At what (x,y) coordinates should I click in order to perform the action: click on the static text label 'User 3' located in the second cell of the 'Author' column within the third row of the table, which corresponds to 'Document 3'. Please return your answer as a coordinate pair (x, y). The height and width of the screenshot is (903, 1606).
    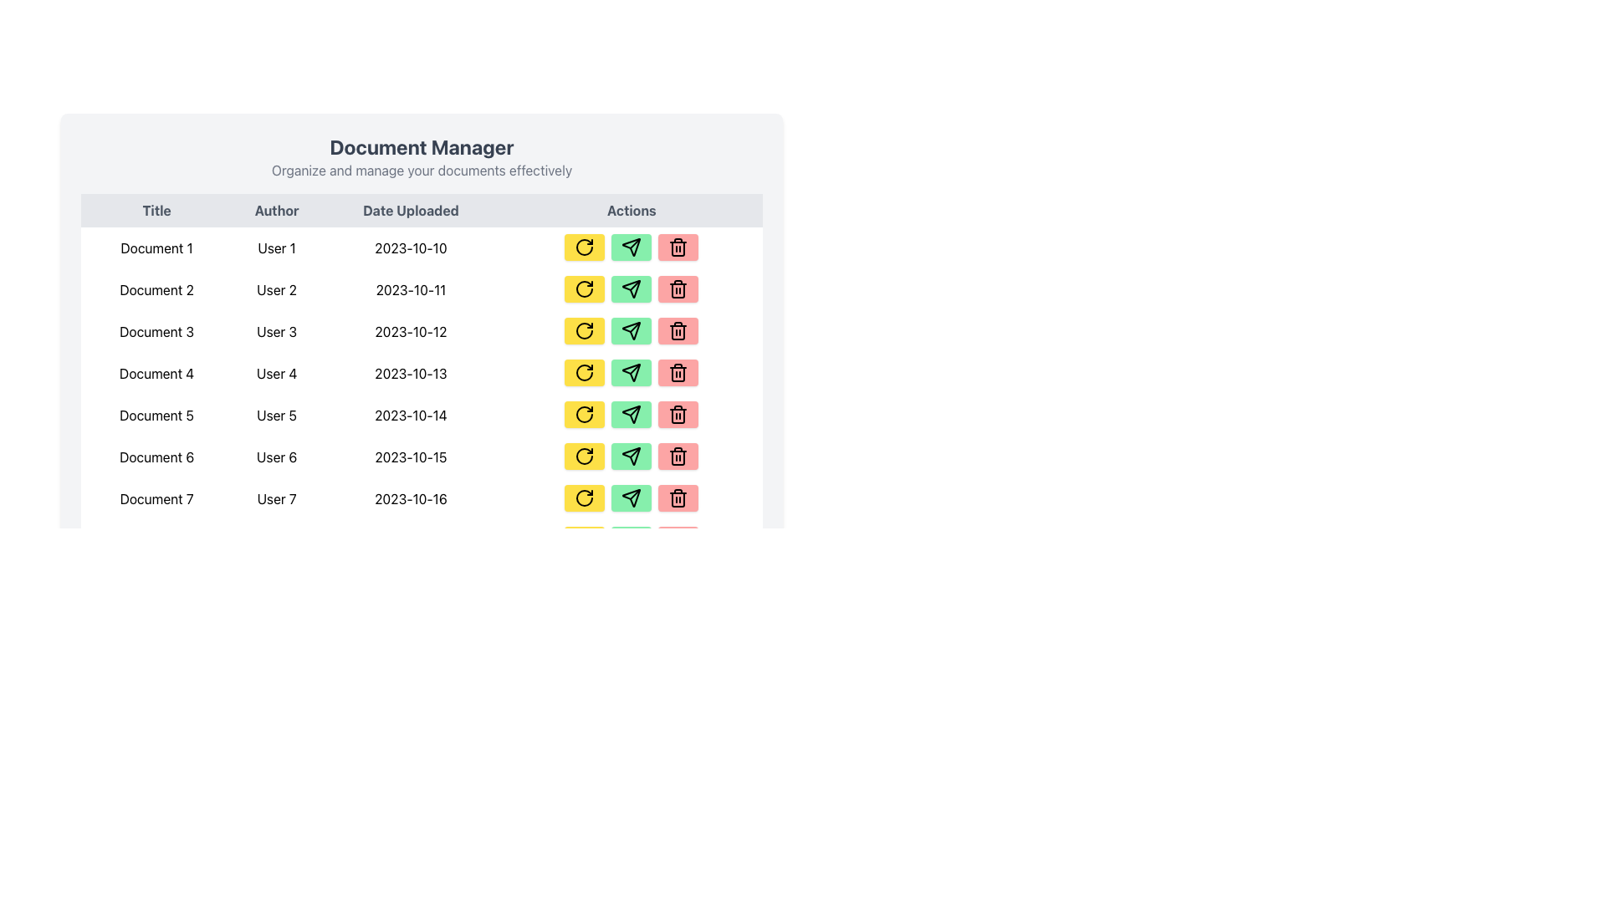
    Looking at the image, I should click on (277, 332).